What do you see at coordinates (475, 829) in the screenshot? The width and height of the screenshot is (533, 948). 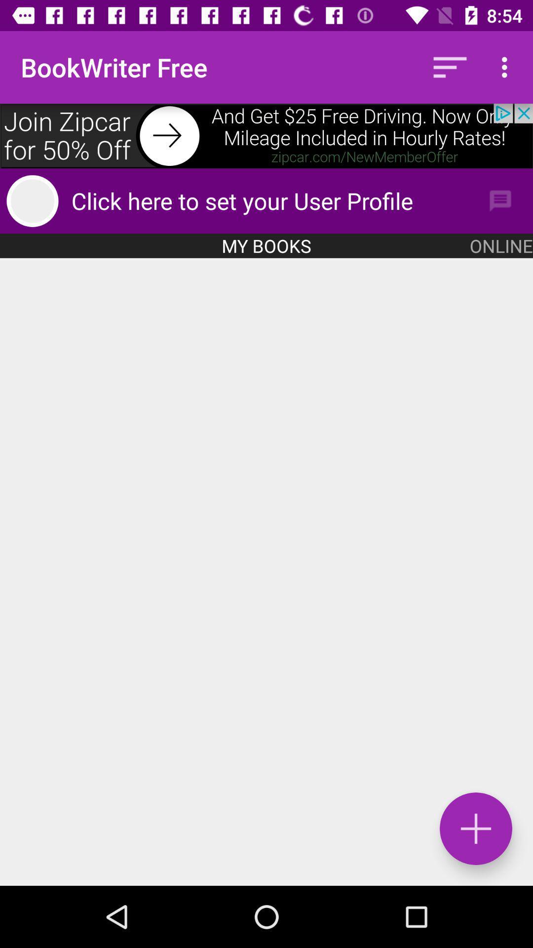 I see `the add icon` at bounding box center [475, 829].